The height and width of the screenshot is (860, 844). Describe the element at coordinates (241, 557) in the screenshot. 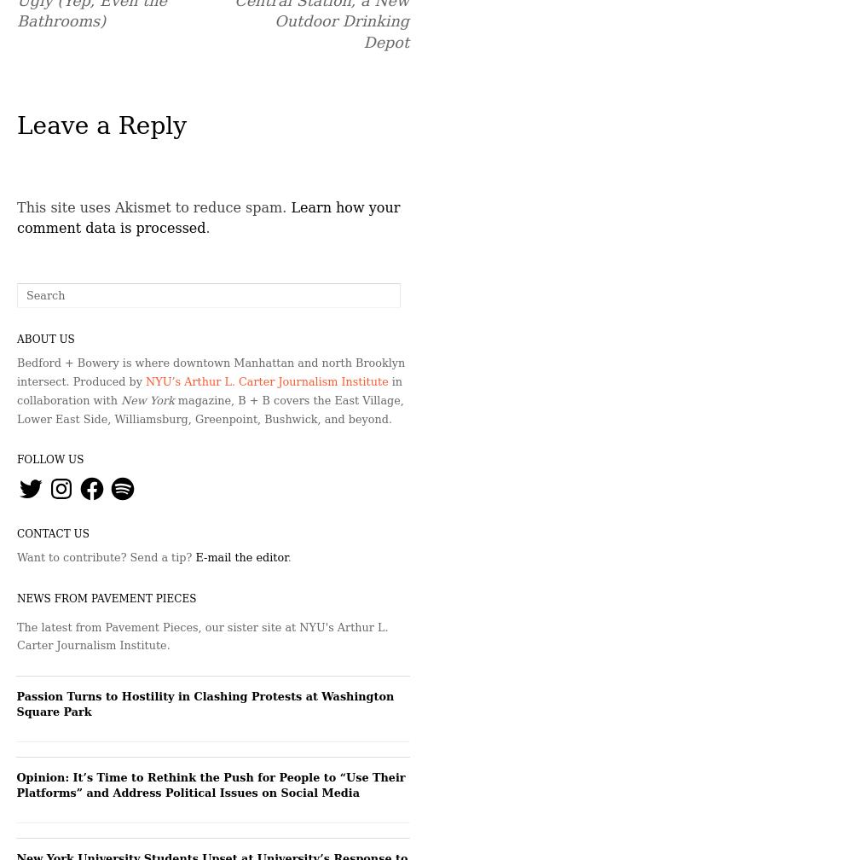

I see `'E-mail the editor'` at that location.